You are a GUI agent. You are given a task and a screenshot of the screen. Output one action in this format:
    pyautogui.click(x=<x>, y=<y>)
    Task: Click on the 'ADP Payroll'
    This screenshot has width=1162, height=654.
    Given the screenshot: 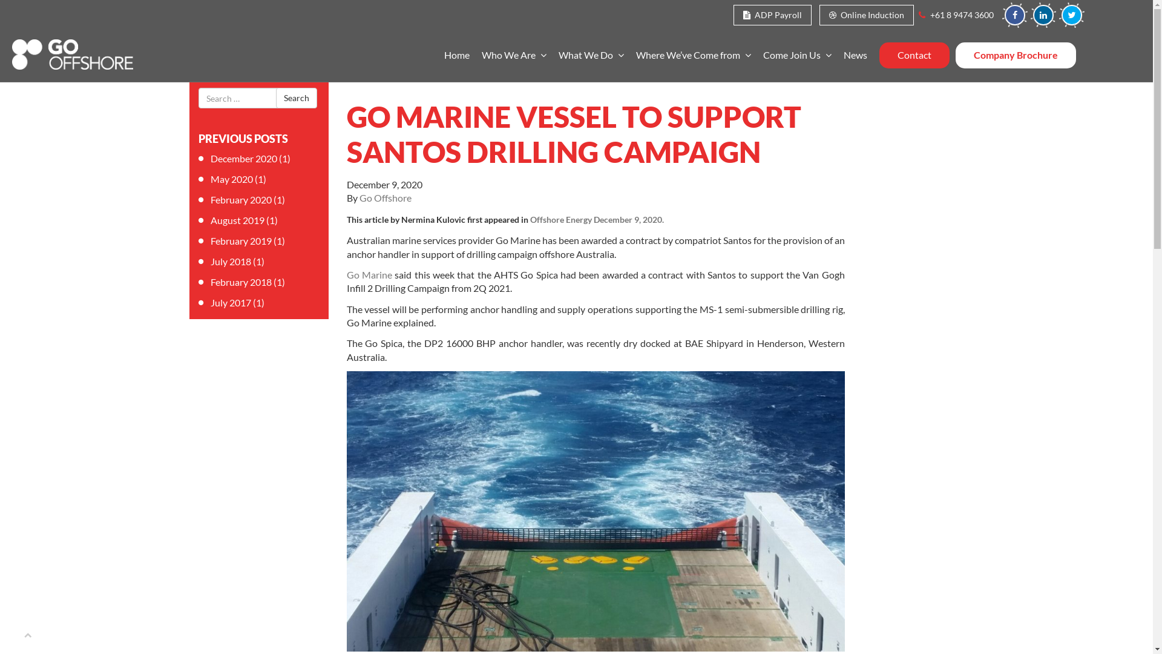 What is the action you would take?
    pyautogui.click(x=772, y=15)
    